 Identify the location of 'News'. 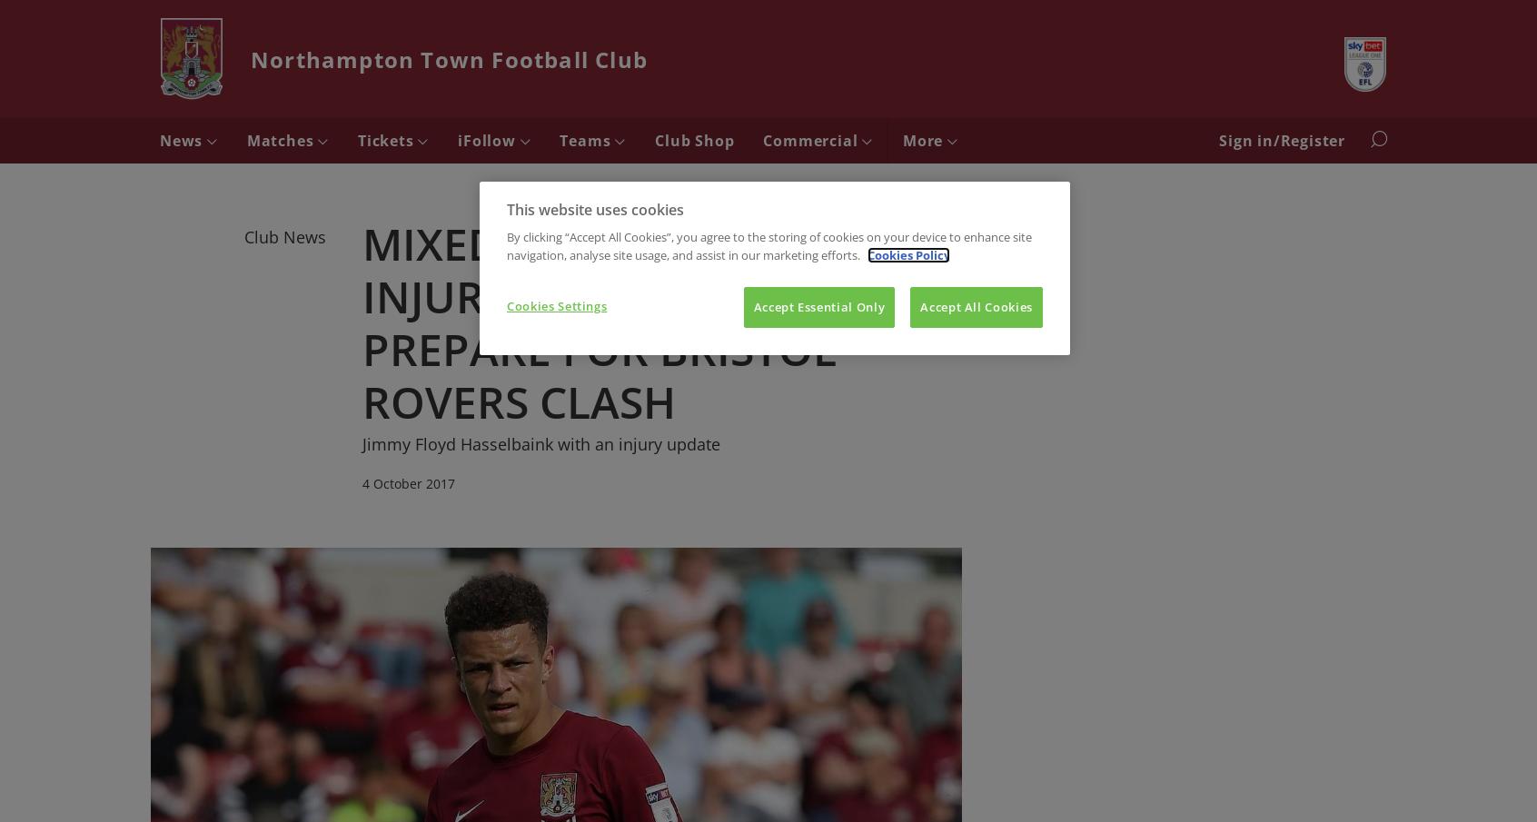
(158, 141).